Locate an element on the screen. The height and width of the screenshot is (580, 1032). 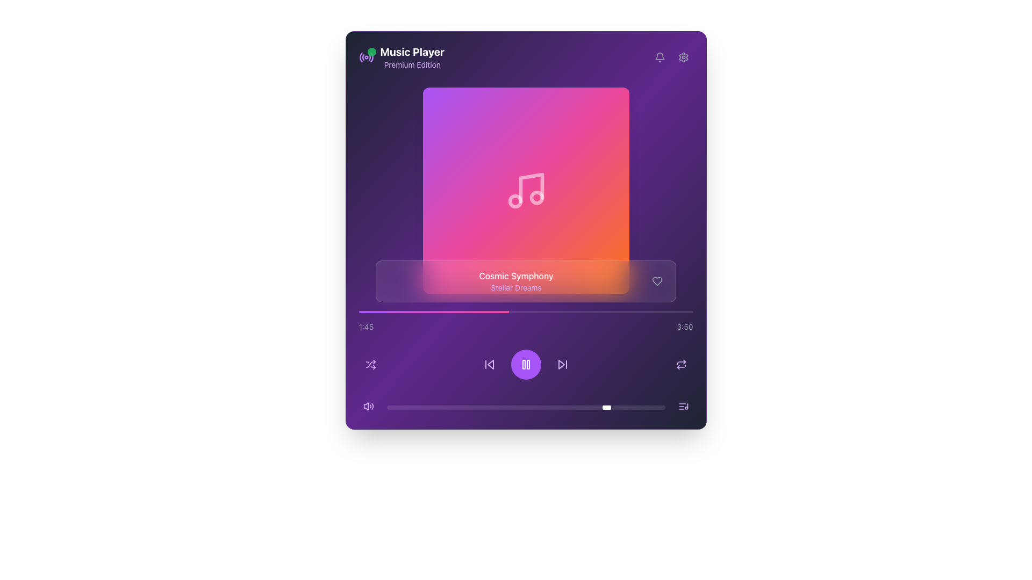
the 'like' button (icon-based) is located at coordinates (657, 281).